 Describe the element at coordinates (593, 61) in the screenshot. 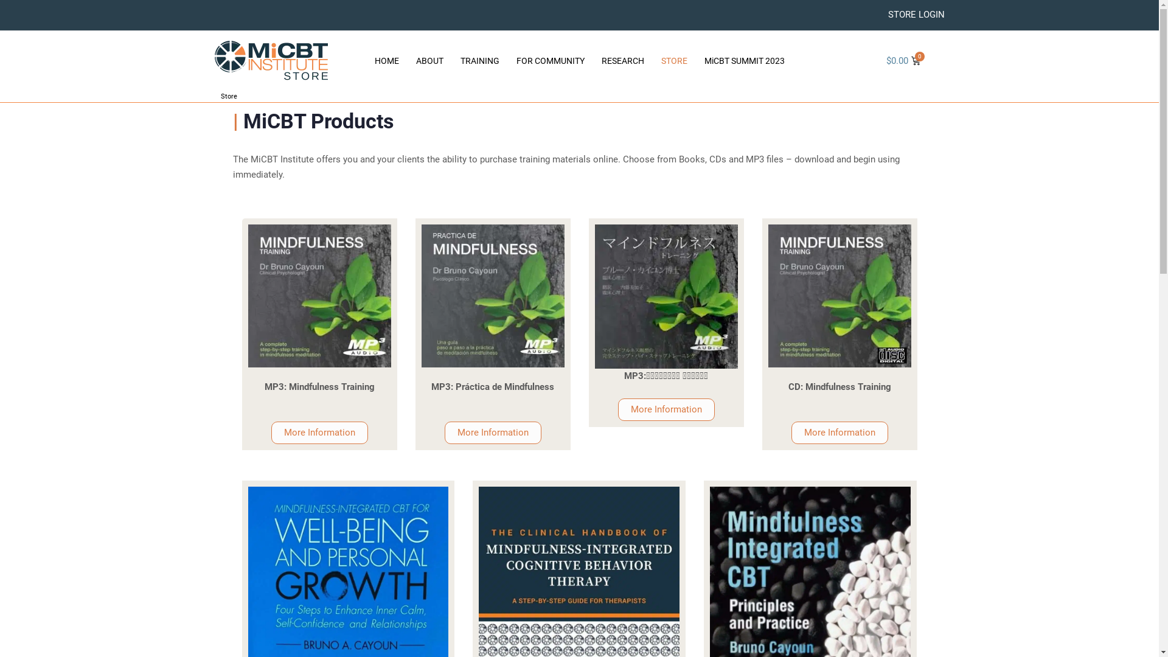

I see `'RESEARCH'` at that location.